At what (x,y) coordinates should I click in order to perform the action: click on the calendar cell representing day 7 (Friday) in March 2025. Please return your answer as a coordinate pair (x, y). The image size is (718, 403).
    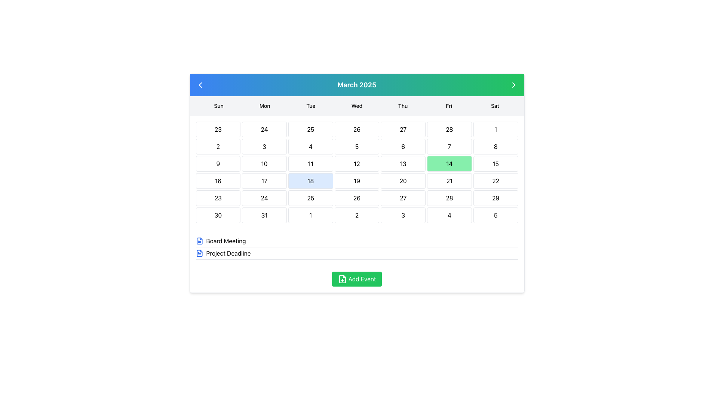
    Looking at the image, I should click on (449, 147).